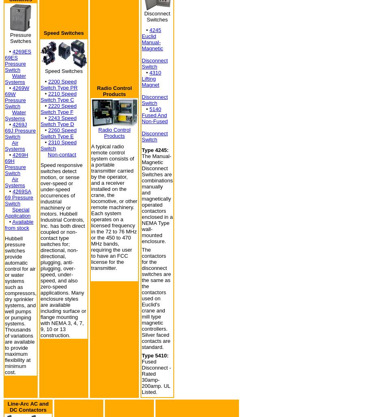 The image size is (371, 417). I want to click on '2260 Speed Switch Type E', so click(58, 133).